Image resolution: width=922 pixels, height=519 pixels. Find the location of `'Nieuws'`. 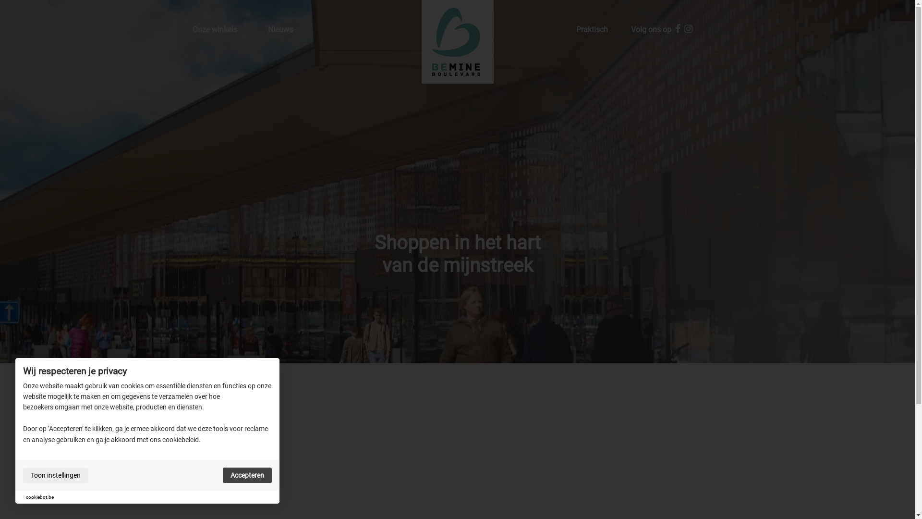

'Nieuws' is located at coordinates (280, 29).